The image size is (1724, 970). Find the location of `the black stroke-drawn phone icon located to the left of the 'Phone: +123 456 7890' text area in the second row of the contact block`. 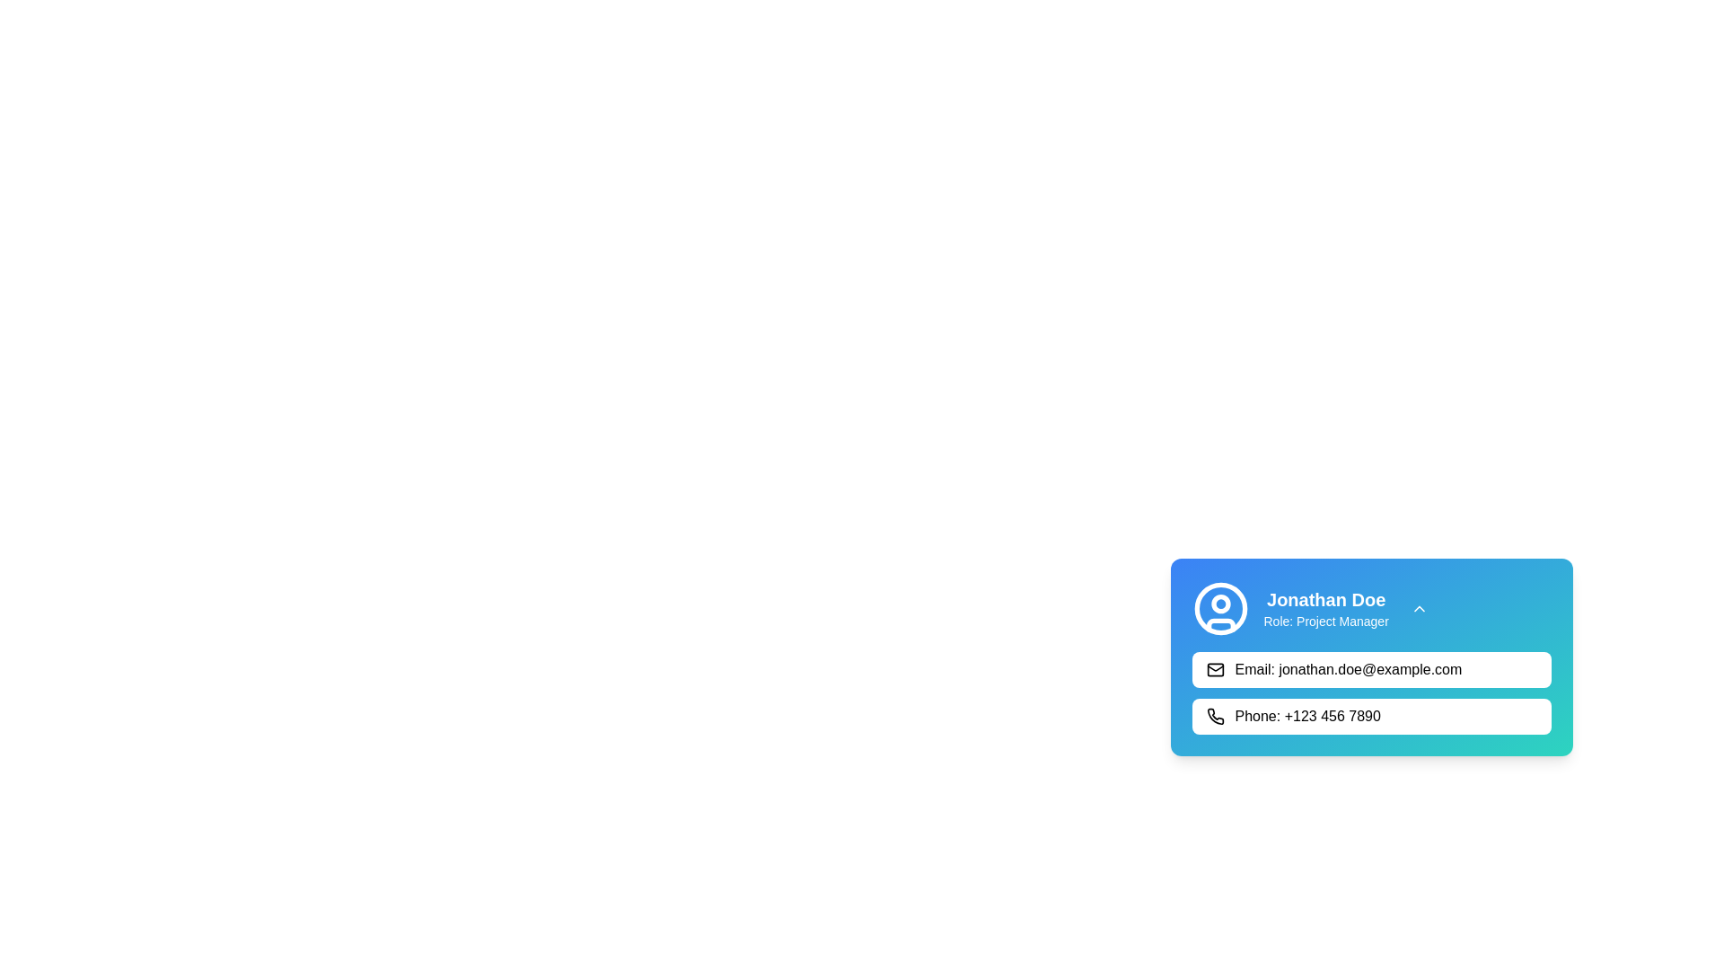

the black stroke-drawn phone icon located to the left of the 'Phone: +123 456 7890' text area in the second row of the contact block is located at coordinates (1215, 716).